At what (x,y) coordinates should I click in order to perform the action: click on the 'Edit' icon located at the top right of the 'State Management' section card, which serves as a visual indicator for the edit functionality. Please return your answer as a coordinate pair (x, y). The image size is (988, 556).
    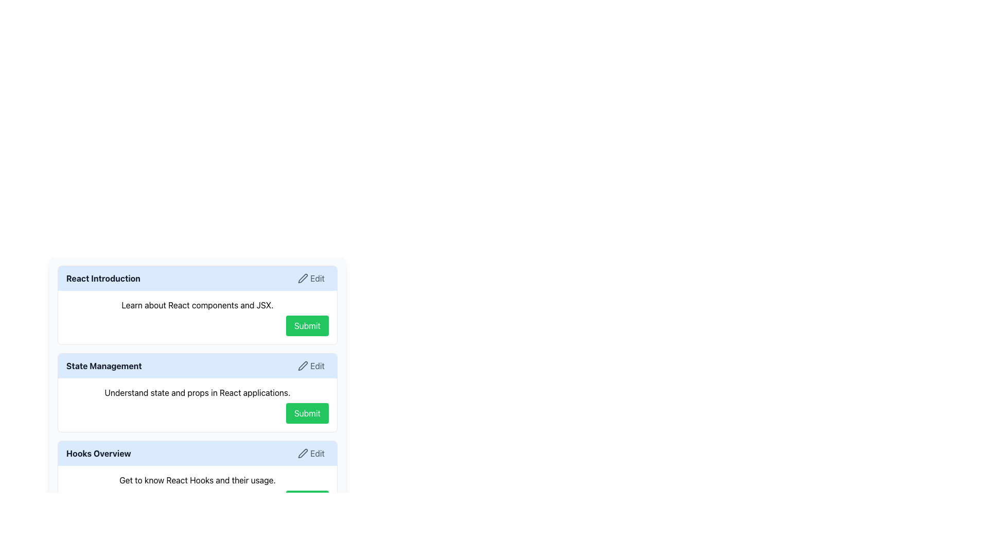
    Looking at the image, I should click on (303, 365).